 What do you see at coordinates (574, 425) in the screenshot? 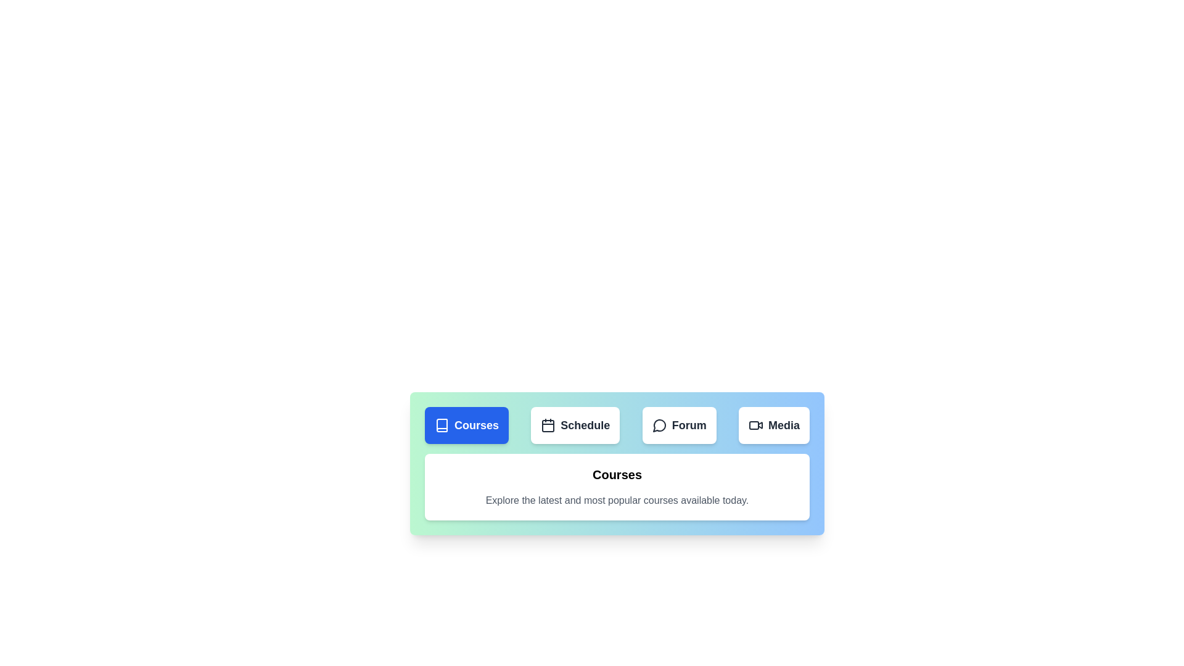
I see `the tab labeled Schedule to view its content` at bounding box center [574, 425].